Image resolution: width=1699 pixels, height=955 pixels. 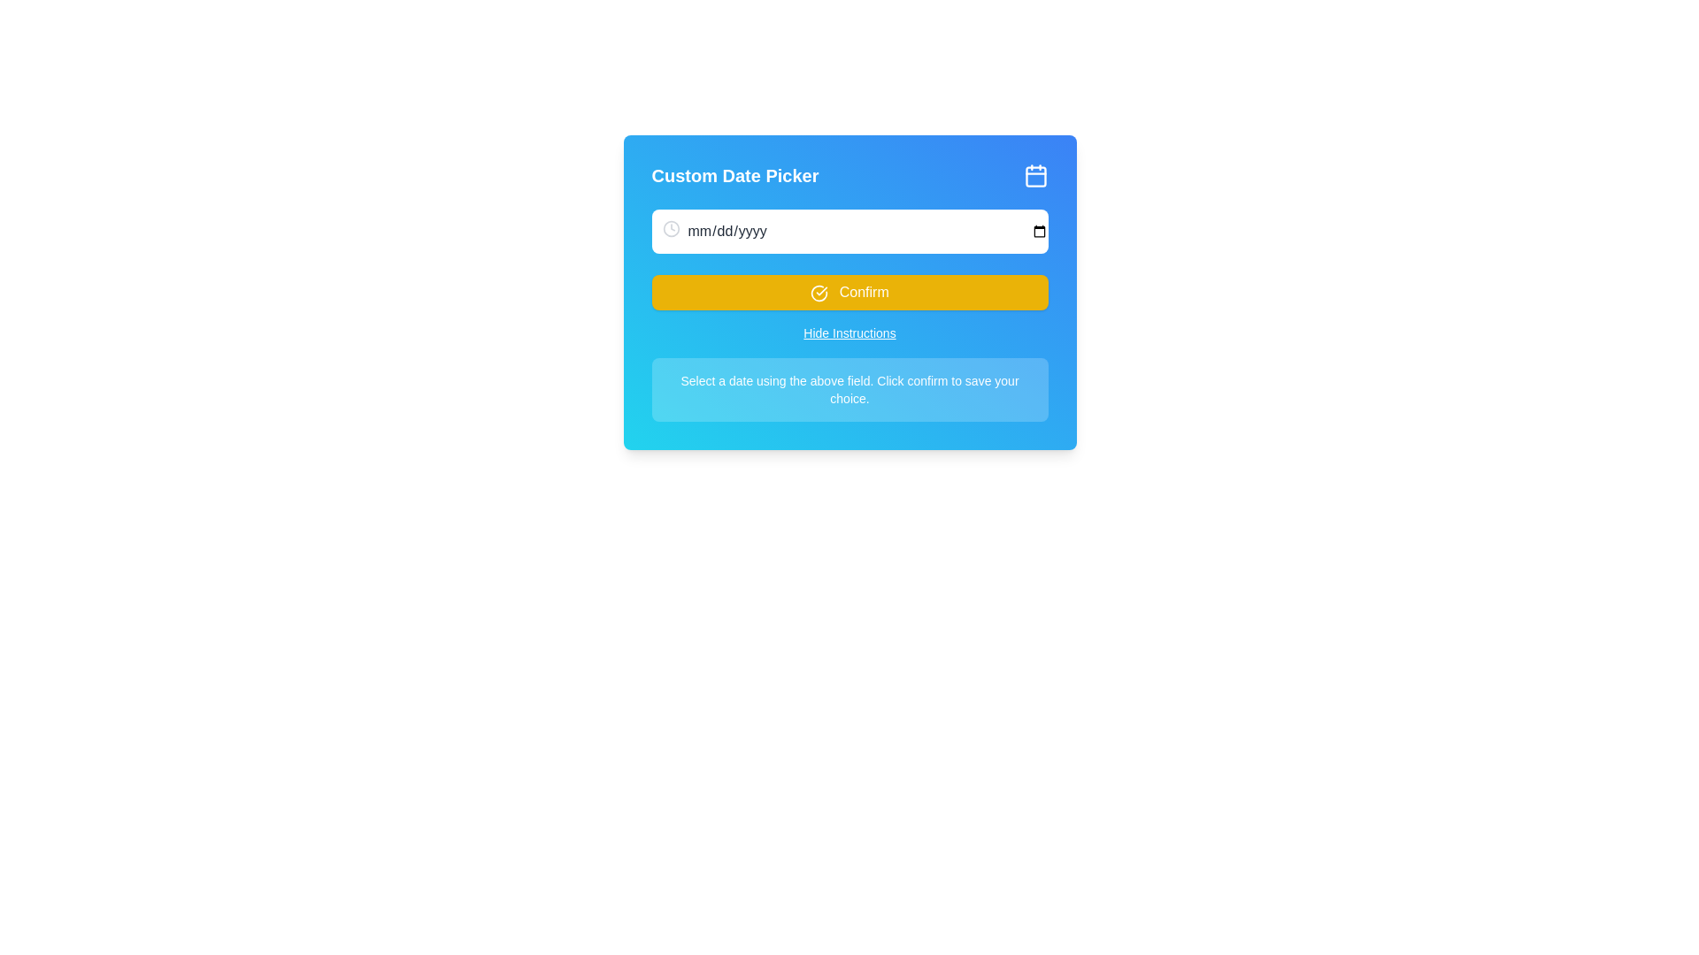 I want to click on the circular graphical element that forms part of the SVG clock icon located to the left of the date input field with the placeholder 'mm/dd/yyyy', so click(x=670, y=227).